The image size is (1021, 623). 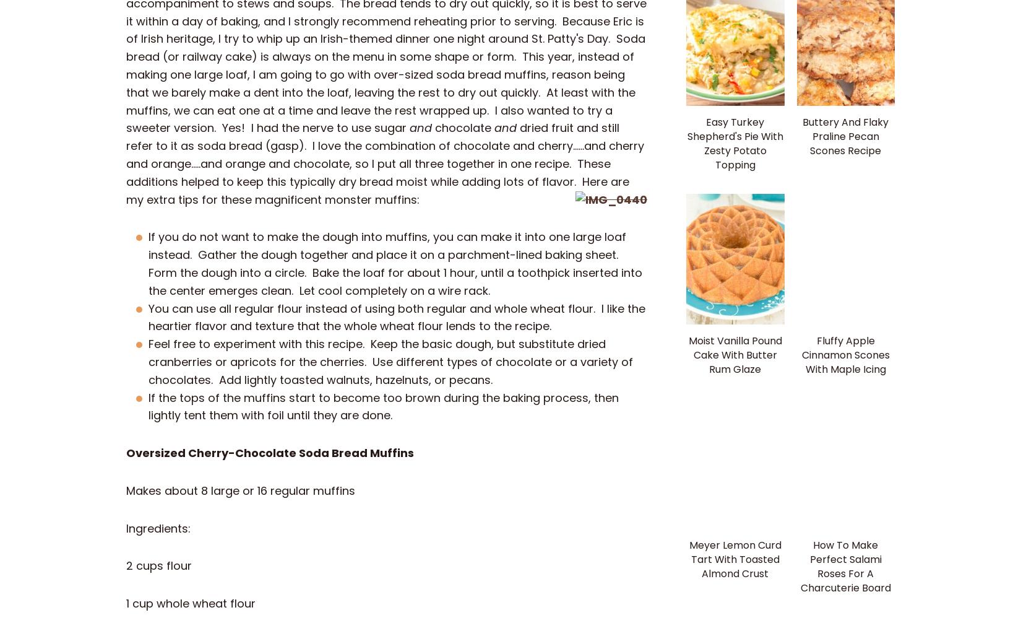 I want to click on 'Ingredients:', so click(x=158, y=527).